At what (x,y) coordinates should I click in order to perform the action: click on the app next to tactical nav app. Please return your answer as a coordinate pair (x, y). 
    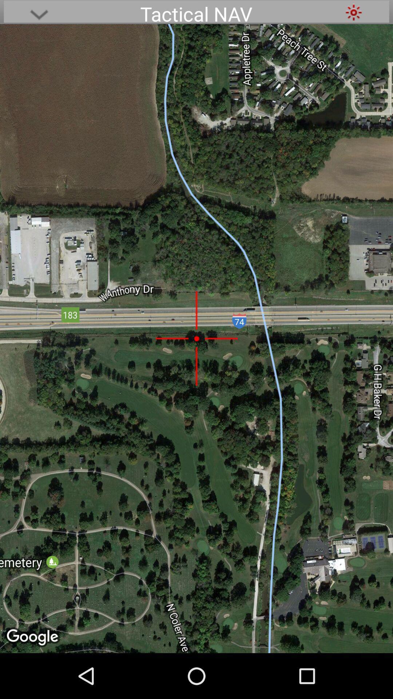
    Looking at the image, I should click on (353, 12).